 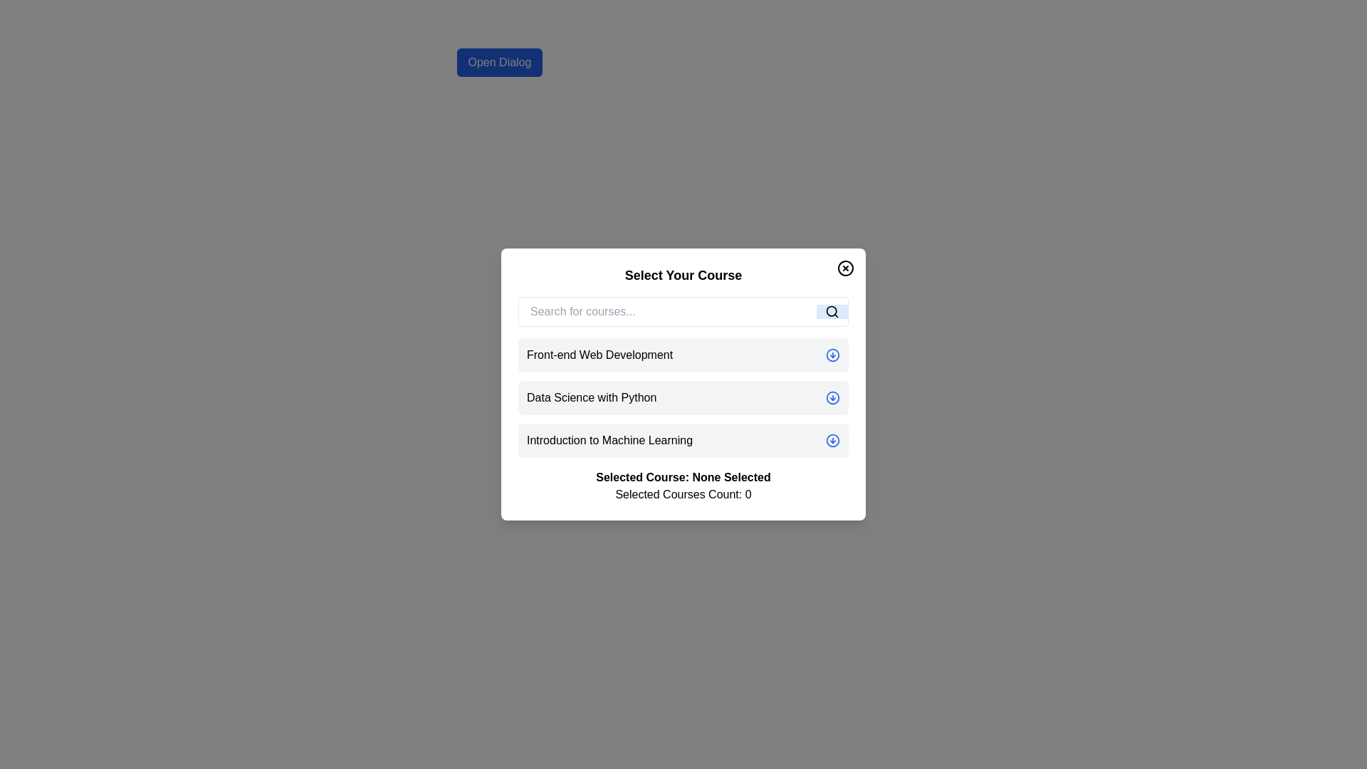 I want to click on the circular icon button with a magnifying glass symbol located to the immediate right of the search input field, so click(x=832, y=311).